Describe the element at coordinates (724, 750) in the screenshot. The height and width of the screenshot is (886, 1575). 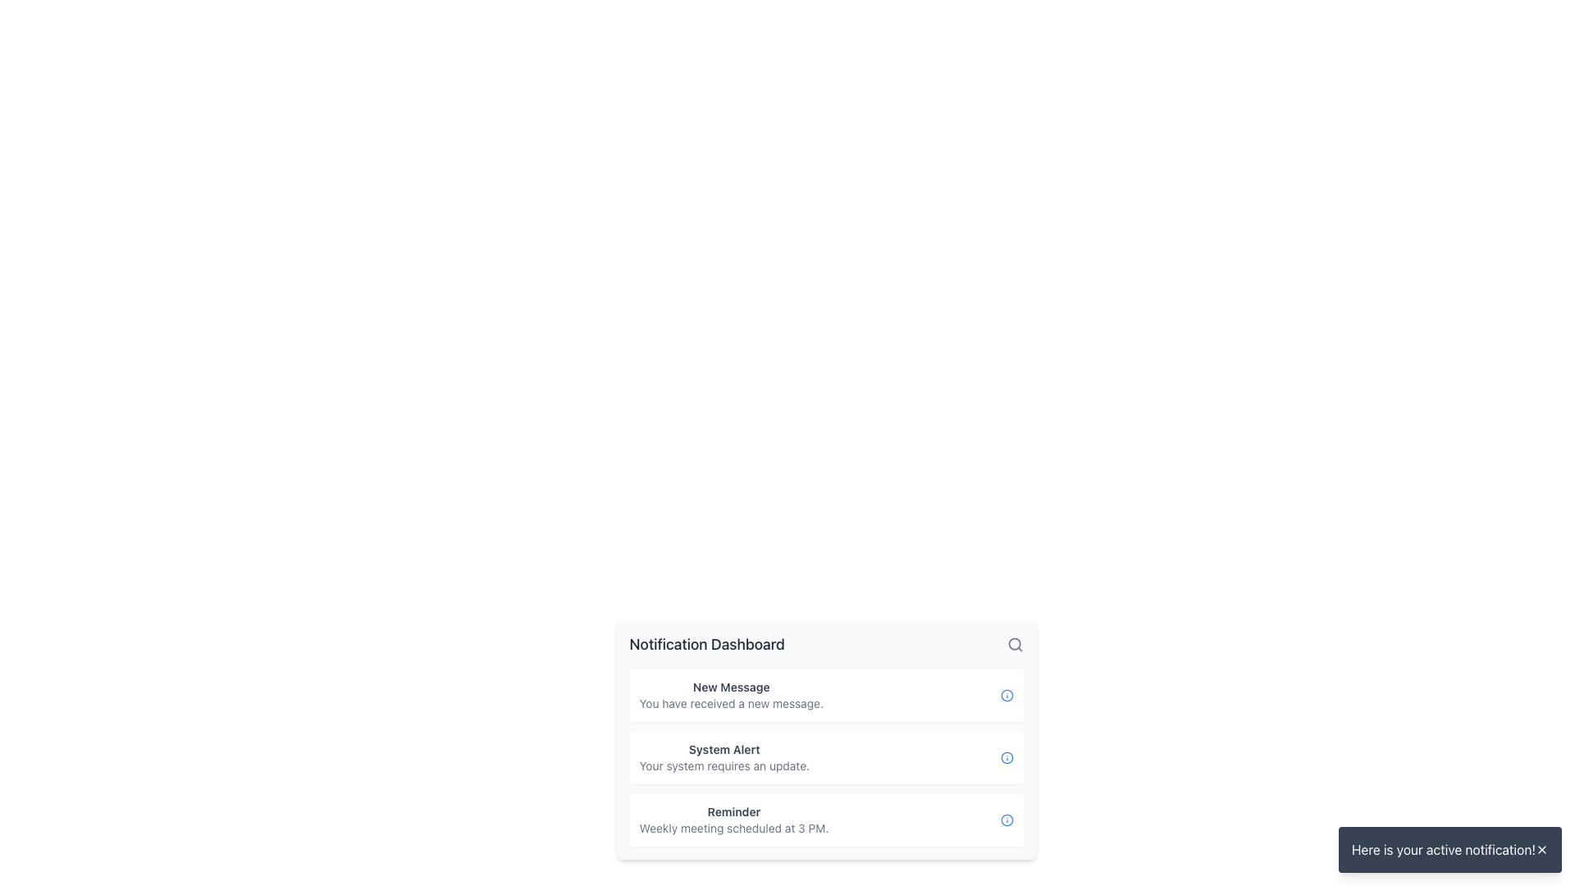
I see `the text label that serves as a title or header for the notification` at that location.